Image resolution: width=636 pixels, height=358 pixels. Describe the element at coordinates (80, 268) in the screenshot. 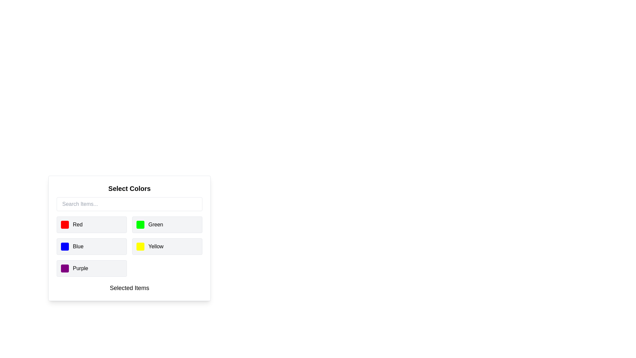

I see `displayed text from the 'Purple' color label located at the bottom-left of the color selection grid` at that location.